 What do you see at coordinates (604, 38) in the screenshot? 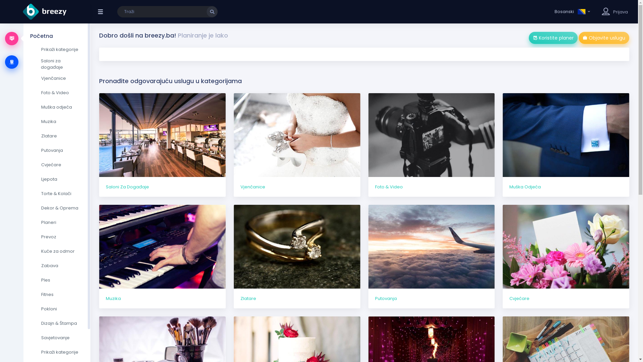
I see `'Objavite uslugu'` at bounding box center [604, 38].